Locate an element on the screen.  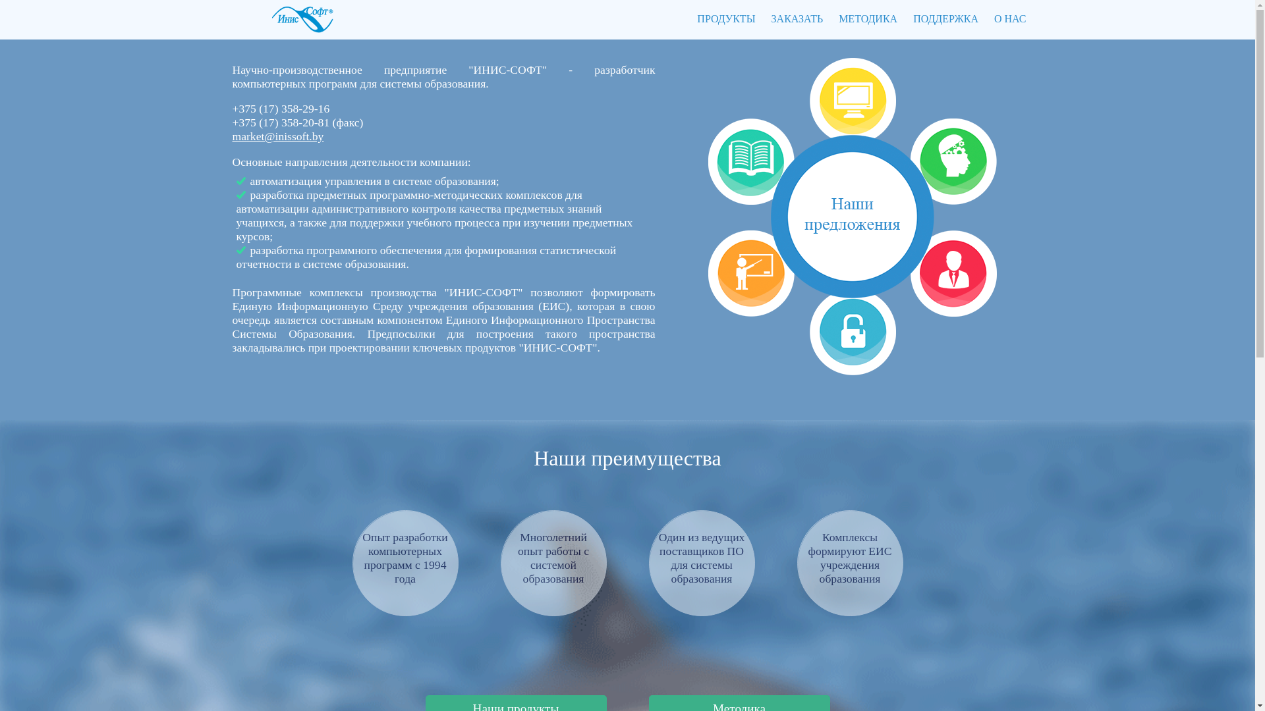
'market@inissoft.by' is located at coordinates (231, 136).